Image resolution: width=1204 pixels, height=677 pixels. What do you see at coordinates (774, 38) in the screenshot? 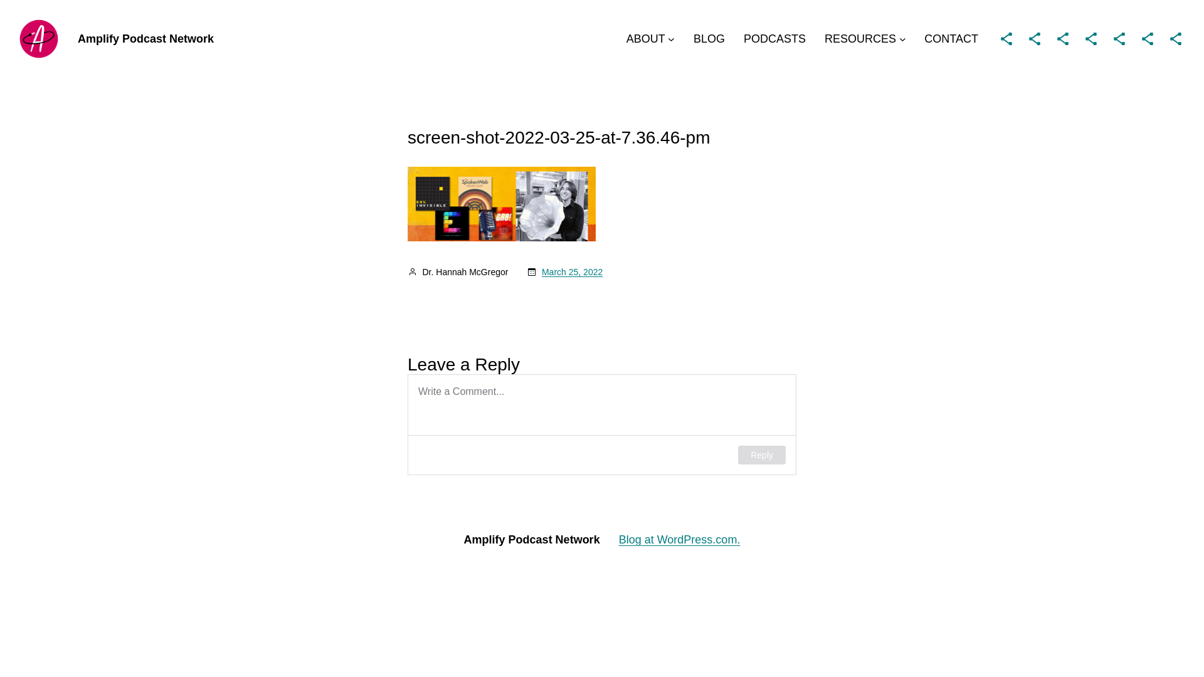
I see `'PODCASTS'` at bounding box center [774, 38].